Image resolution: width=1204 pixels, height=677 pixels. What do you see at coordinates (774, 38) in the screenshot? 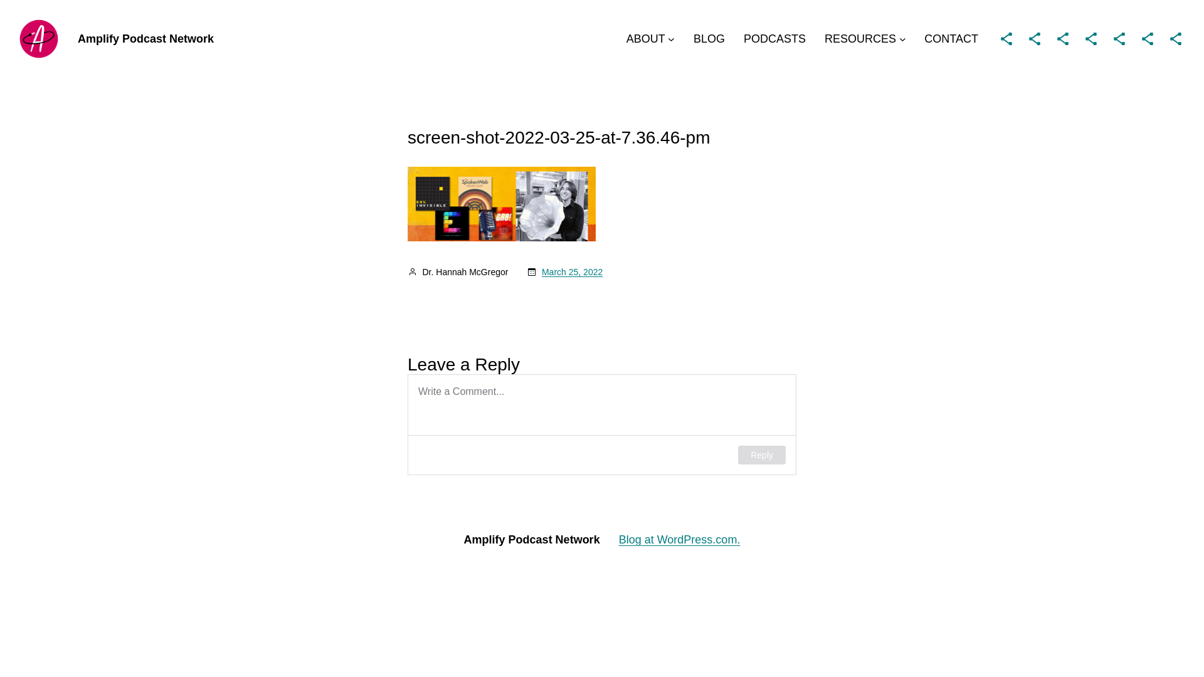
I see `'PODCASTS'` at bounding box center [774, 38].